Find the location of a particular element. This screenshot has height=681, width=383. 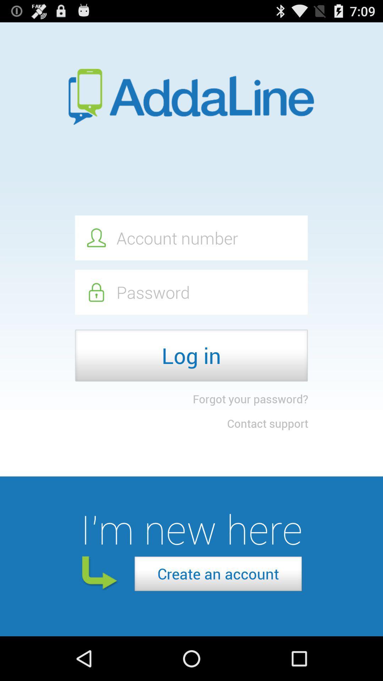

the icon above forgot your password? item is located at coordinates (191, 355).